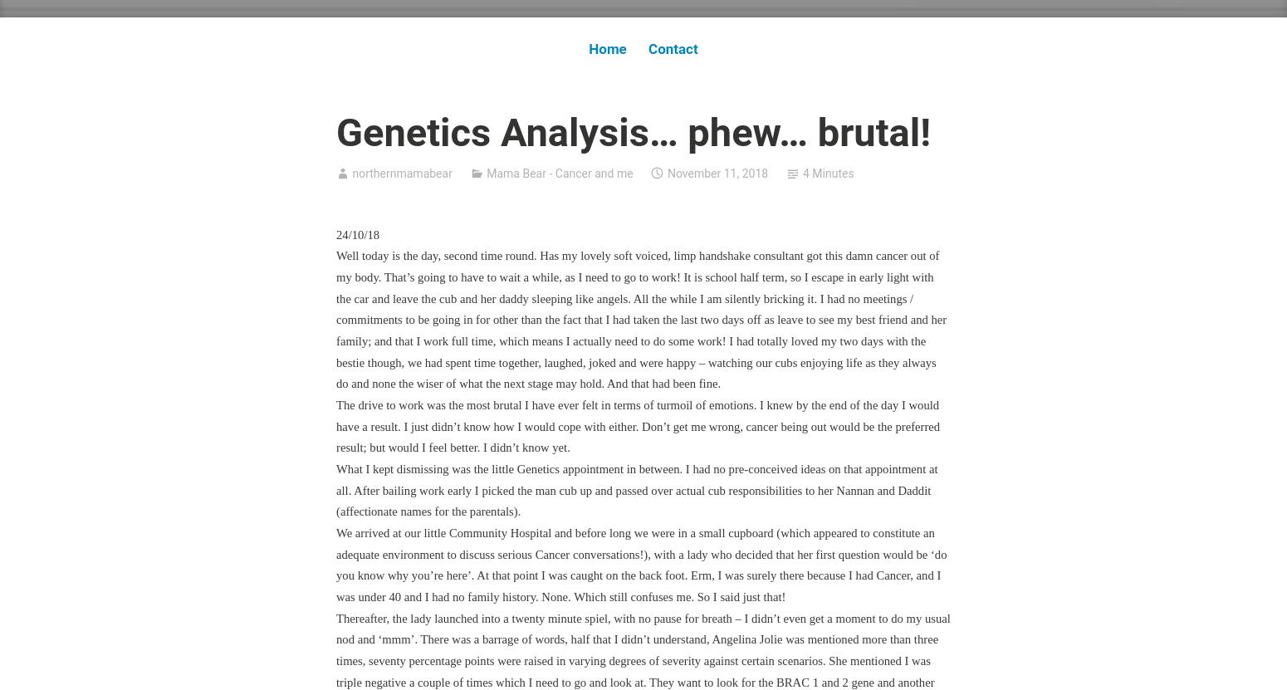 Image resolution: width=1287 pixels, height=690 pixels. Describe the element at coordinates (358, 234) in the screenshot. I see `'24/10/18'` at that location.